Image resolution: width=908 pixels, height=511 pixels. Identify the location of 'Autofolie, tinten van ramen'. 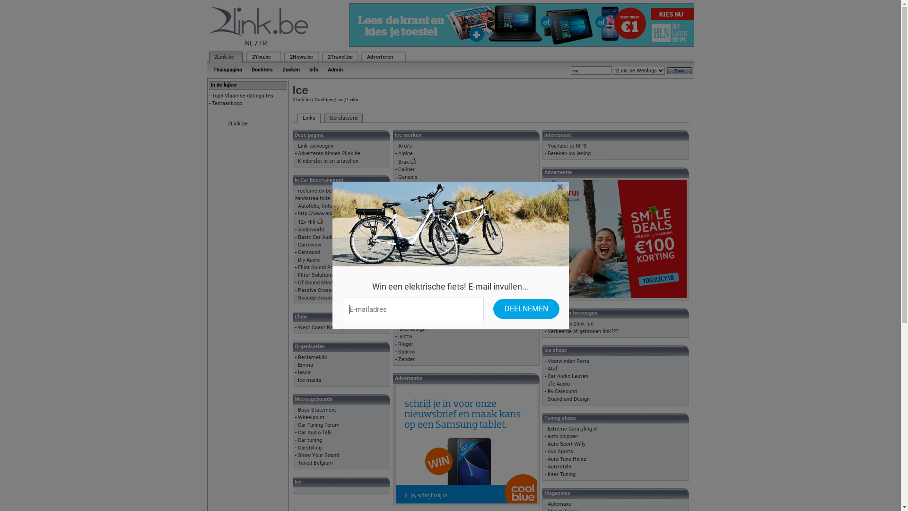
(329, 205).